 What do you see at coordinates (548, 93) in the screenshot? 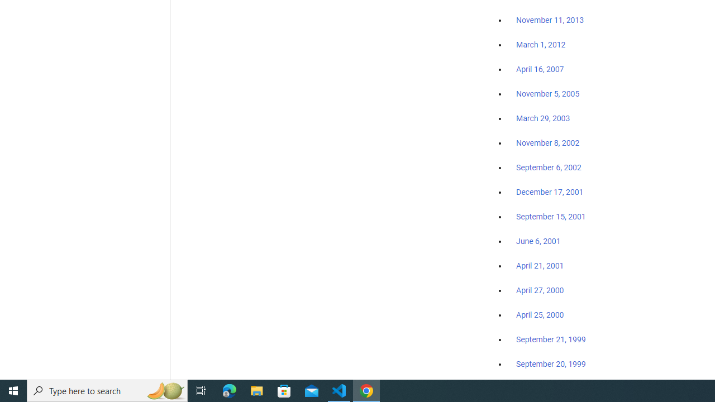
I see `'November 5, 2005'` at bounding box center [548, 93].